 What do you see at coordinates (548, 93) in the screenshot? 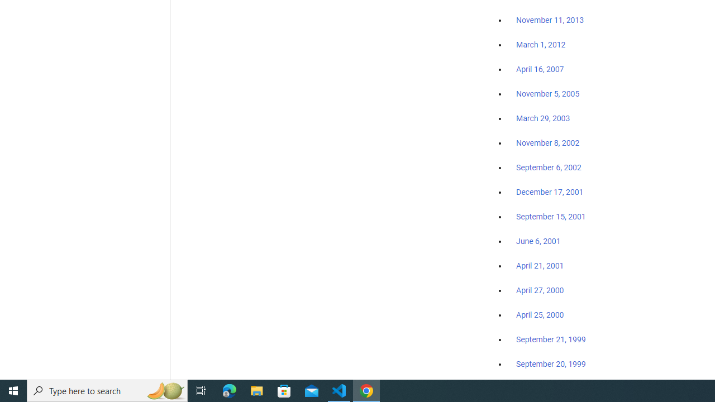
I see `'November 5, 2005'` at bounding box center [548, 93].